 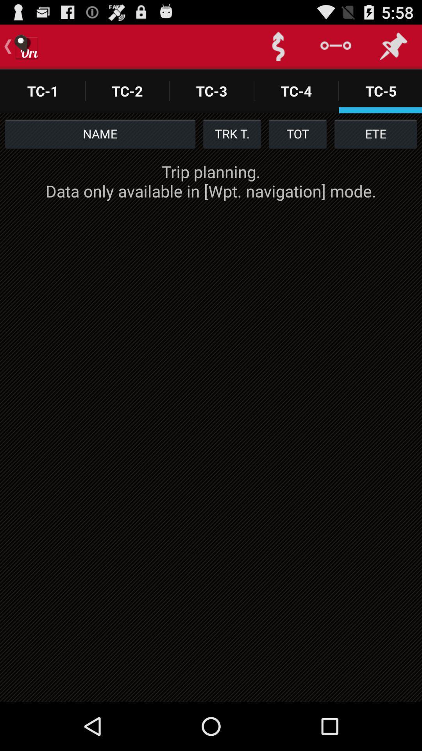 I want to click on item above tc-4, so click(x=278, y=46).